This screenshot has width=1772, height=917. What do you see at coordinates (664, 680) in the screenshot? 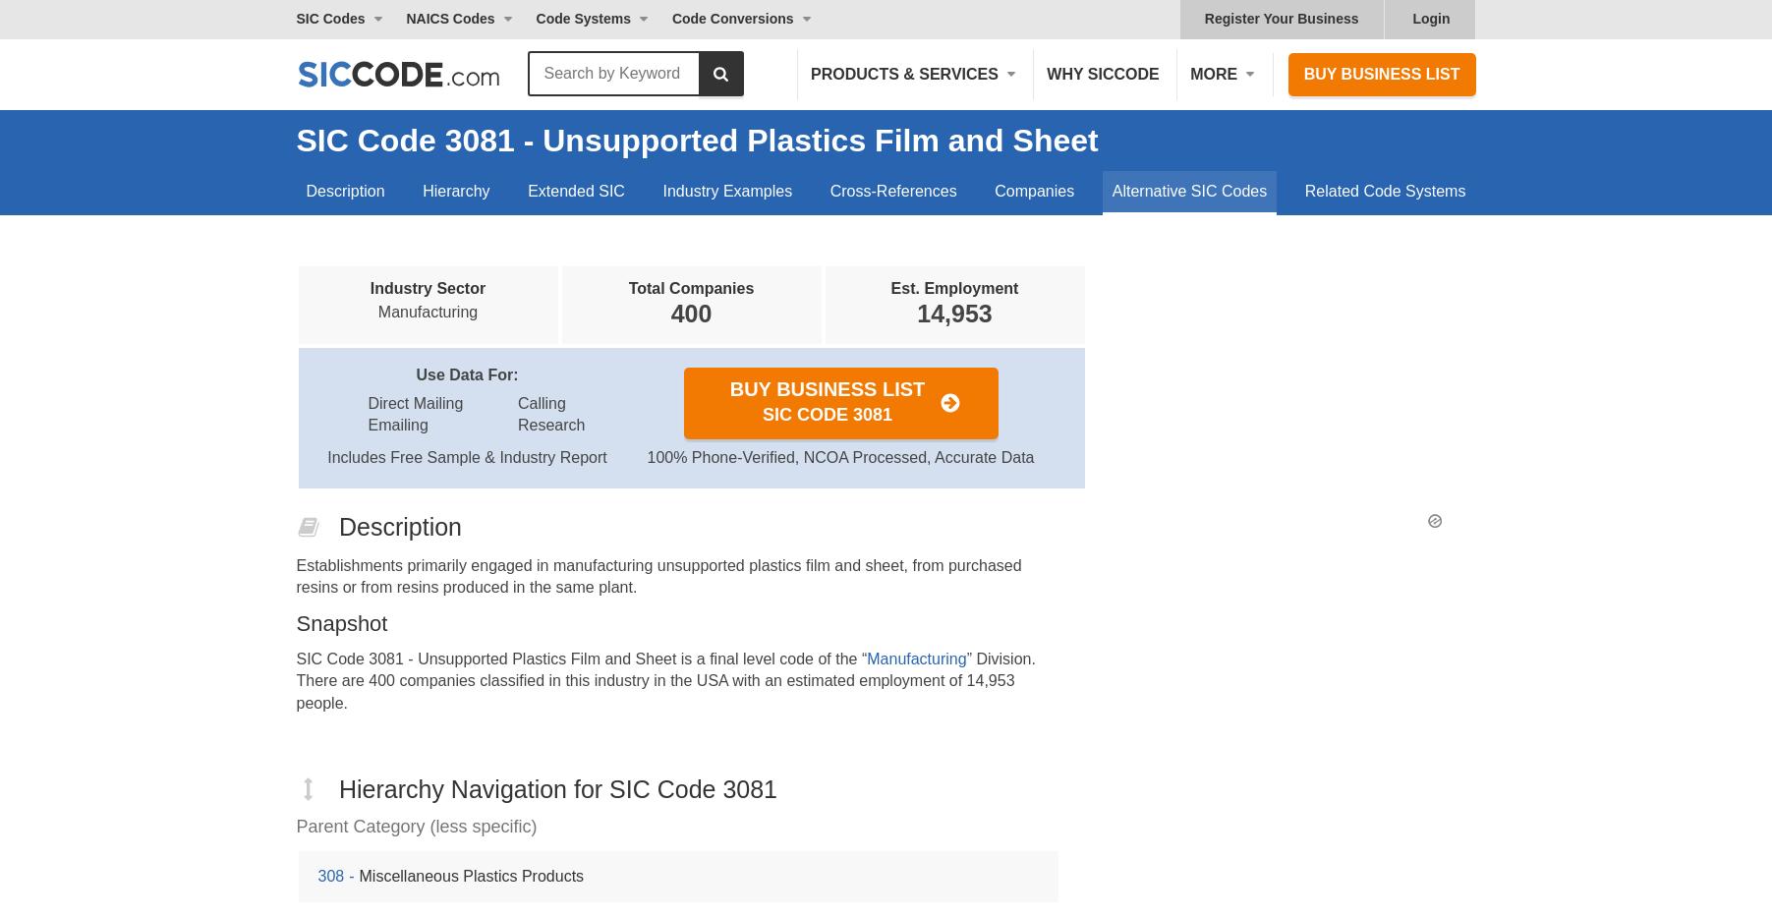
I see `'” Division.
                                                                    There are 400 companies classified in this industry in the USA with an estimated employment of 14,953 people.'` at bounding box center [664, 680].